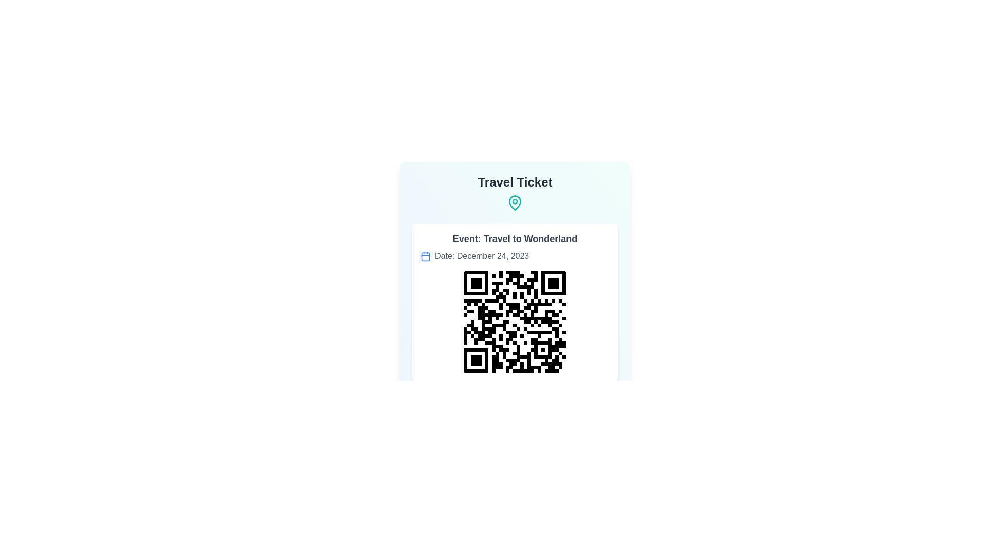  I want to click on the informational line displaying the date 'Date: December 24, 2023', which includes a blue calendar icon on the left and is centrally aligned below the event description, so click(515, 255).